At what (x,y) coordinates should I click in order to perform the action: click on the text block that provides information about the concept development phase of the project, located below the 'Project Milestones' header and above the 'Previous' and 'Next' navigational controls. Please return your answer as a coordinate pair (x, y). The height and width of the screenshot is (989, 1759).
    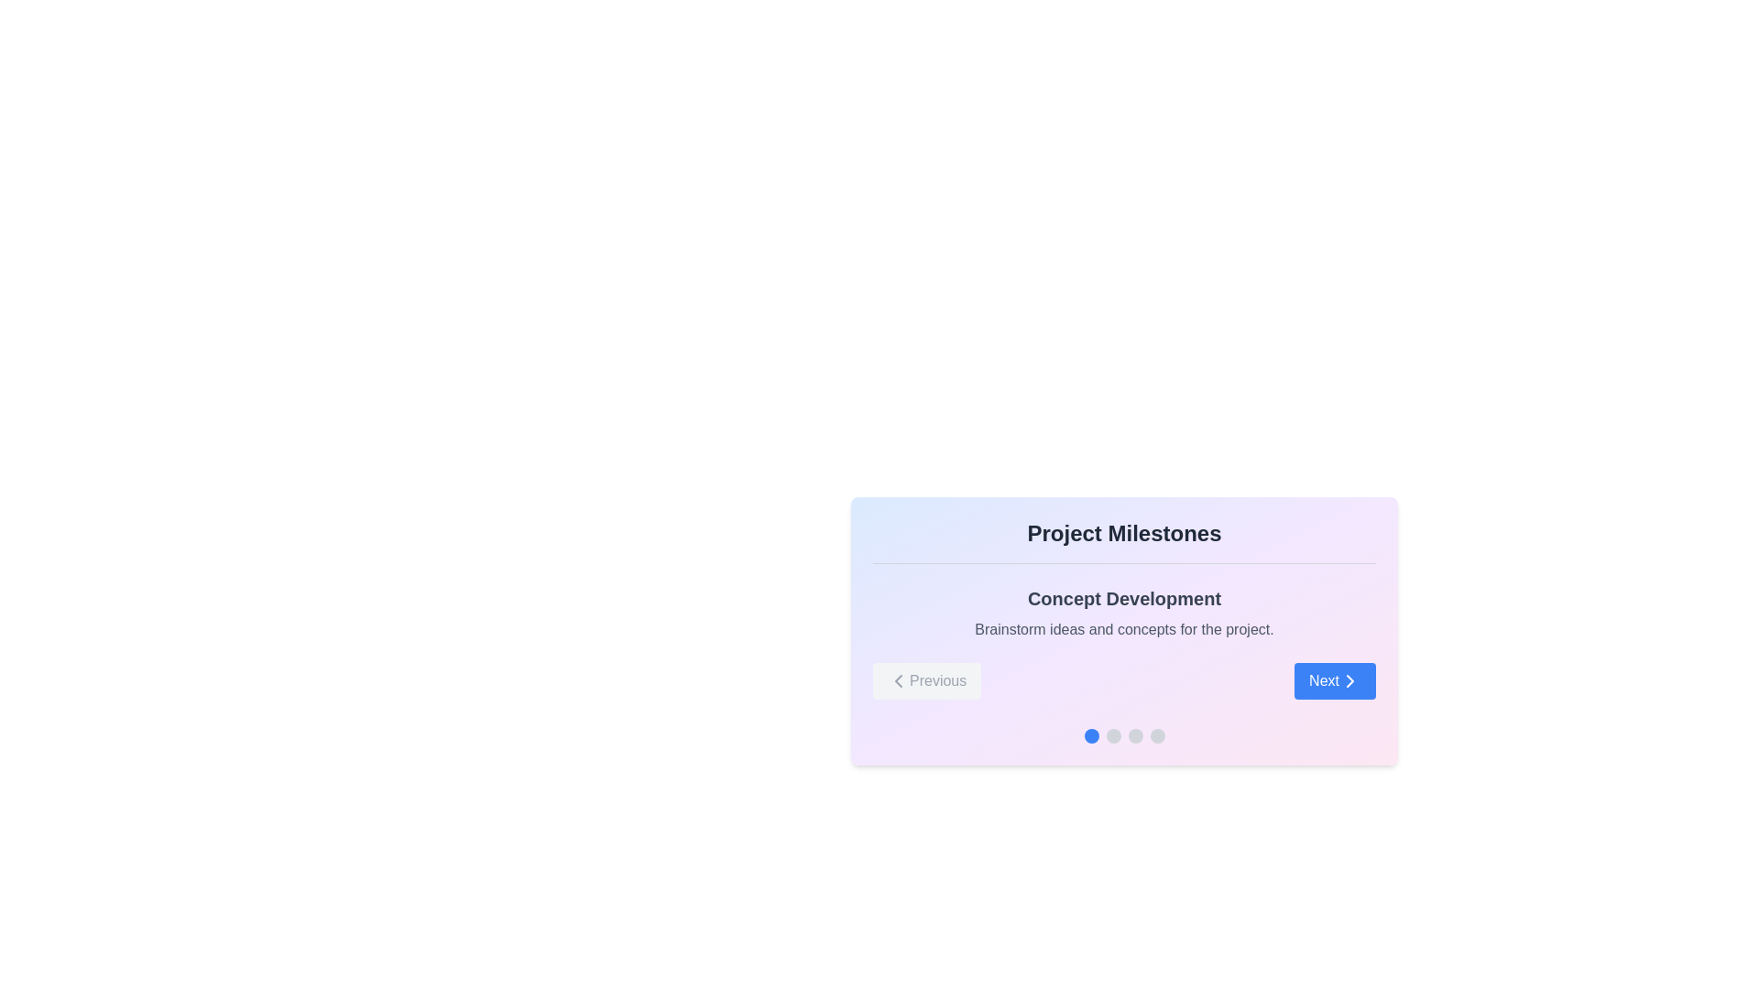
    Looking at the image, I should click on (1123, 614).